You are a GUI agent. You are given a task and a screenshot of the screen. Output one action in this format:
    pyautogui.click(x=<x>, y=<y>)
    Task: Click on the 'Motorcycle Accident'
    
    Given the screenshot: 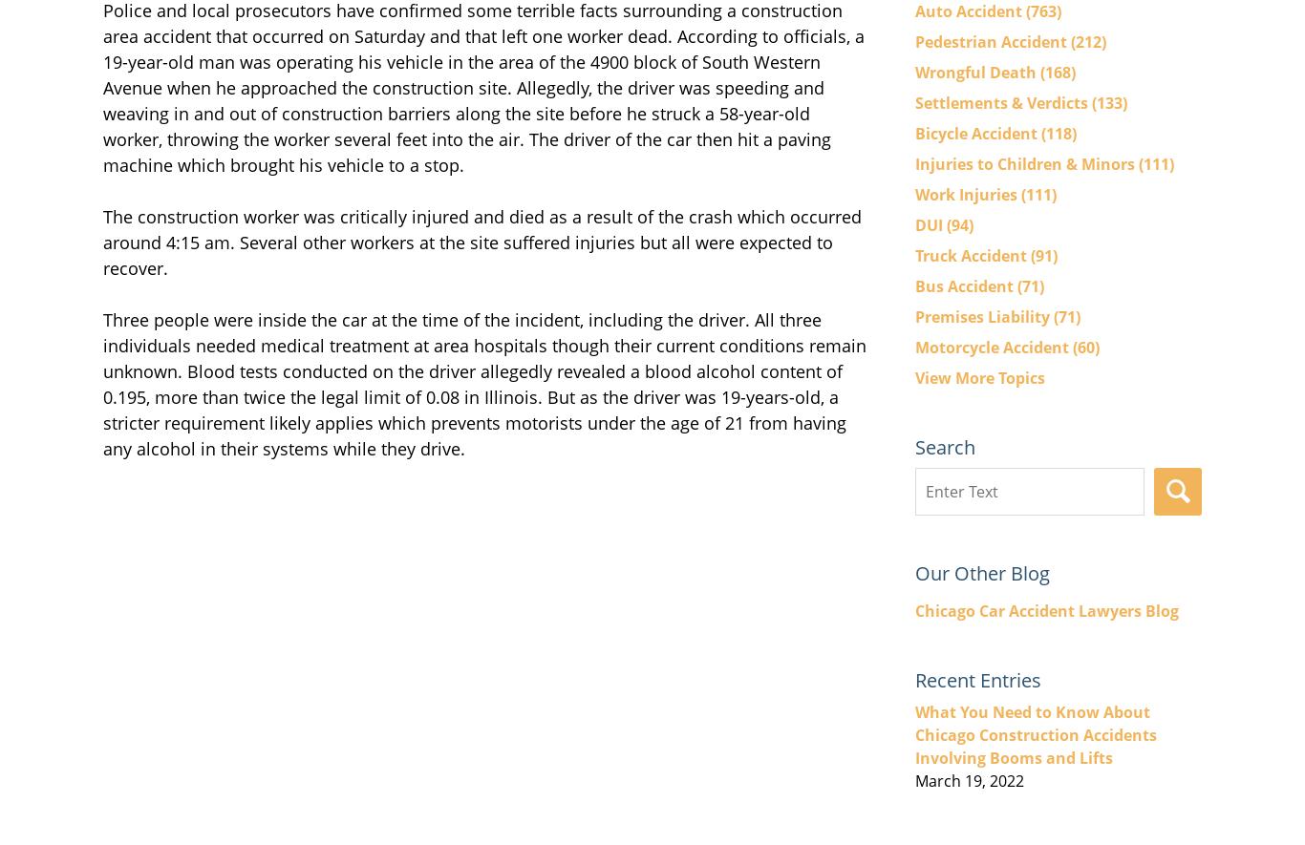 What is the action you would take?
    pyautogui.click(x=993, y=346)
    